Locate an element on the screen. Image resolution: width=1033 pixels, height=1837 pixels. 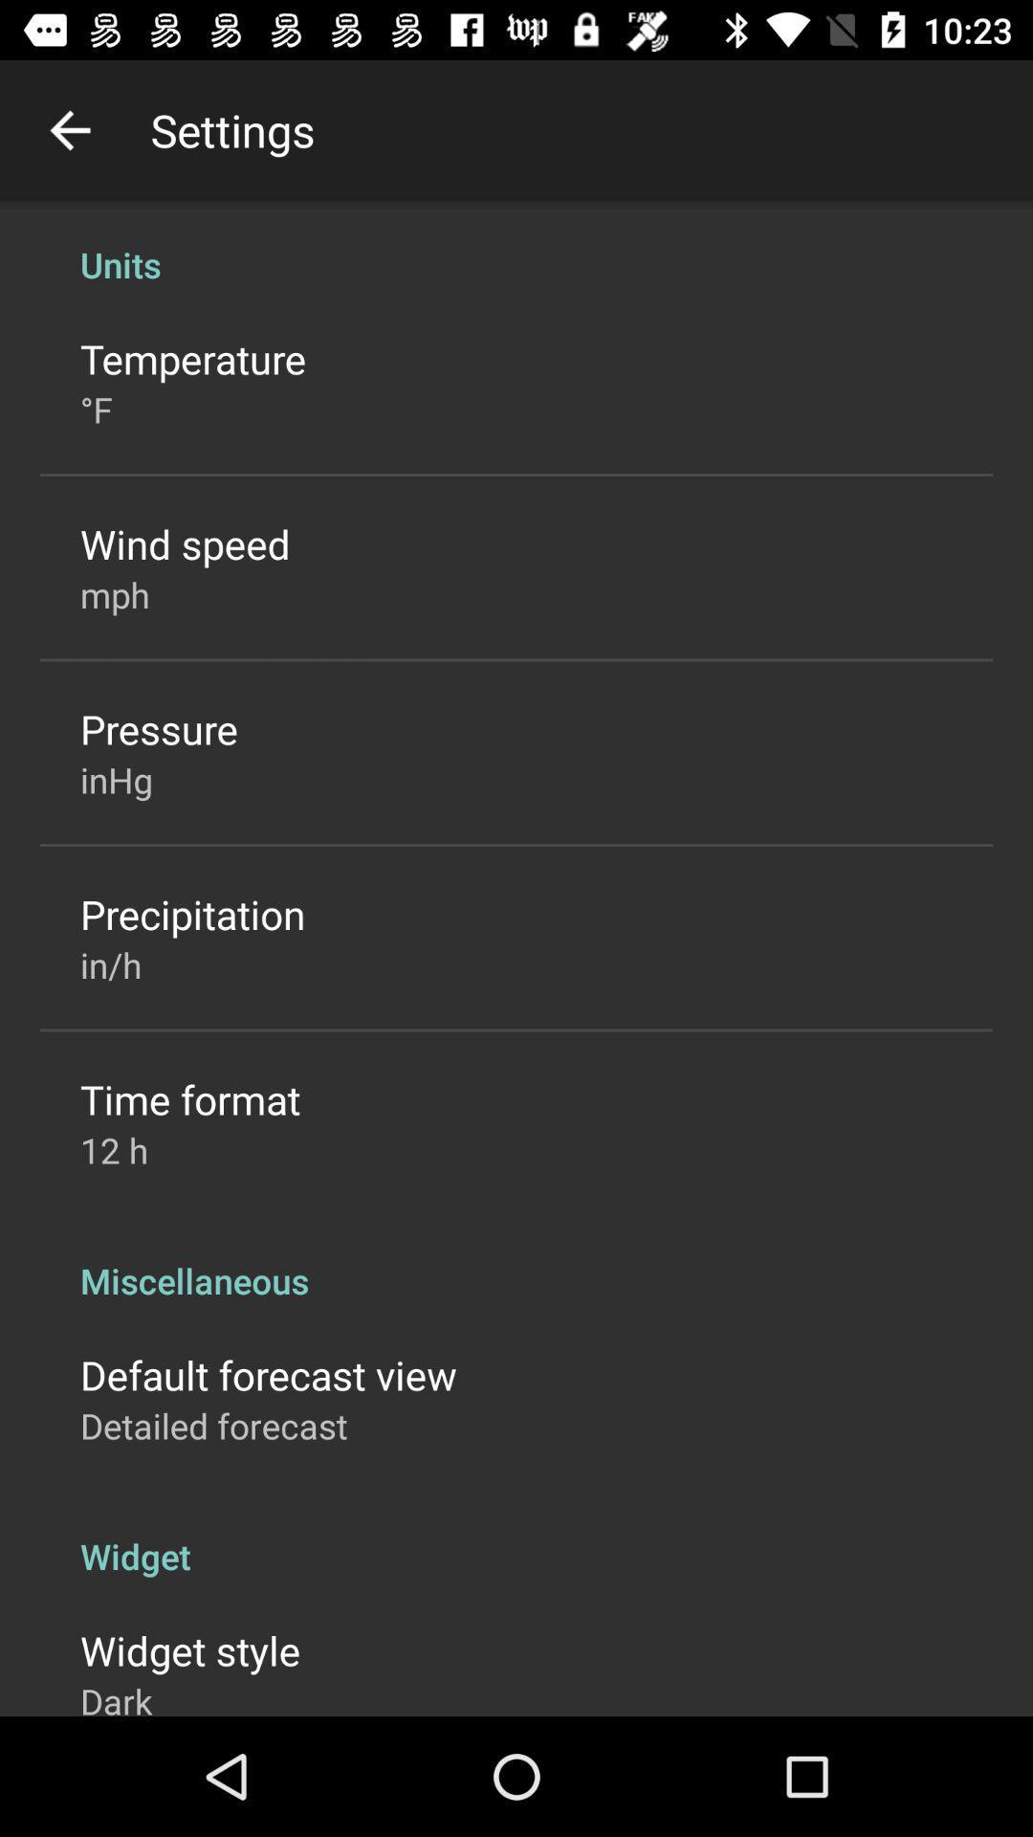
the icon below 12 h item is located at coordinates (516, 1260).